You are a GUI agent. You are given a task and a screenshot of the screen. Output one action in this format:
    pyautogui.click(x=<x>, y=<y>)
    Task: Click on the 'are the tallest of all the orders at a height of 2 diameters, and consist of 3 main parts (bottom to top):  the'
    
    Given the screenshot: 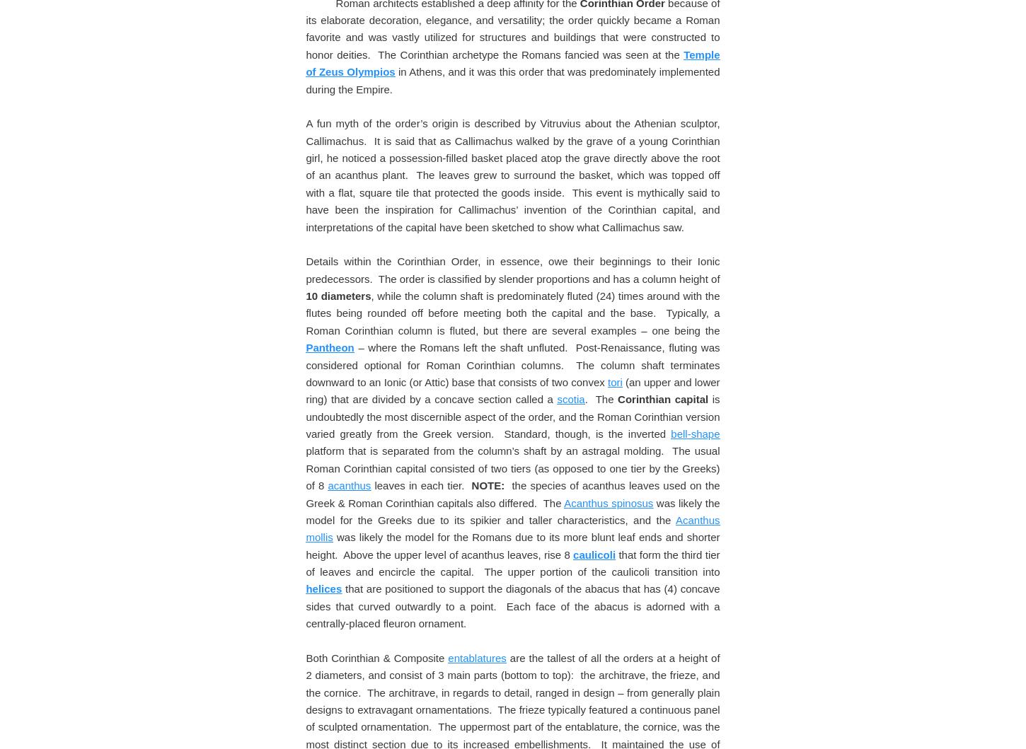 What is the action you would take?
    pyautogui.click(x=512, y=88)
    